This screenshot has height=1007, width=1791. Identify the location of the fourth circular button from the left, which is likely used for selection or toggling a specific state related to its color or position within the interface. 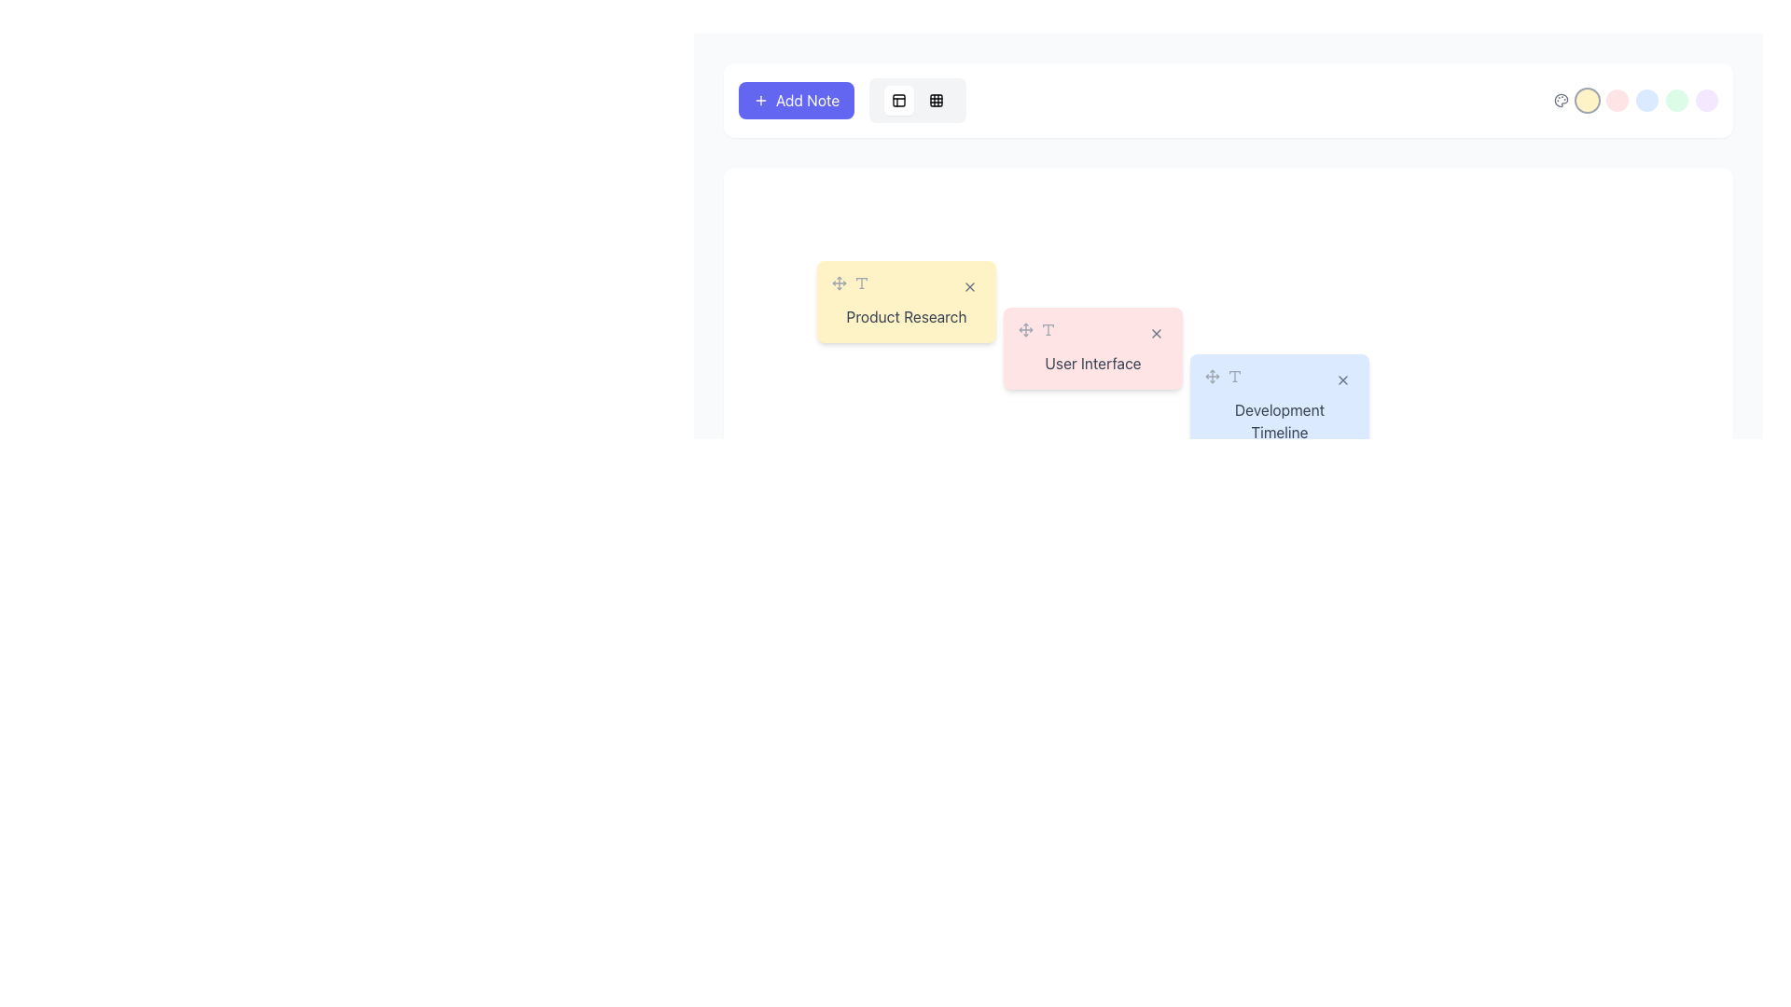
(1647, 101).